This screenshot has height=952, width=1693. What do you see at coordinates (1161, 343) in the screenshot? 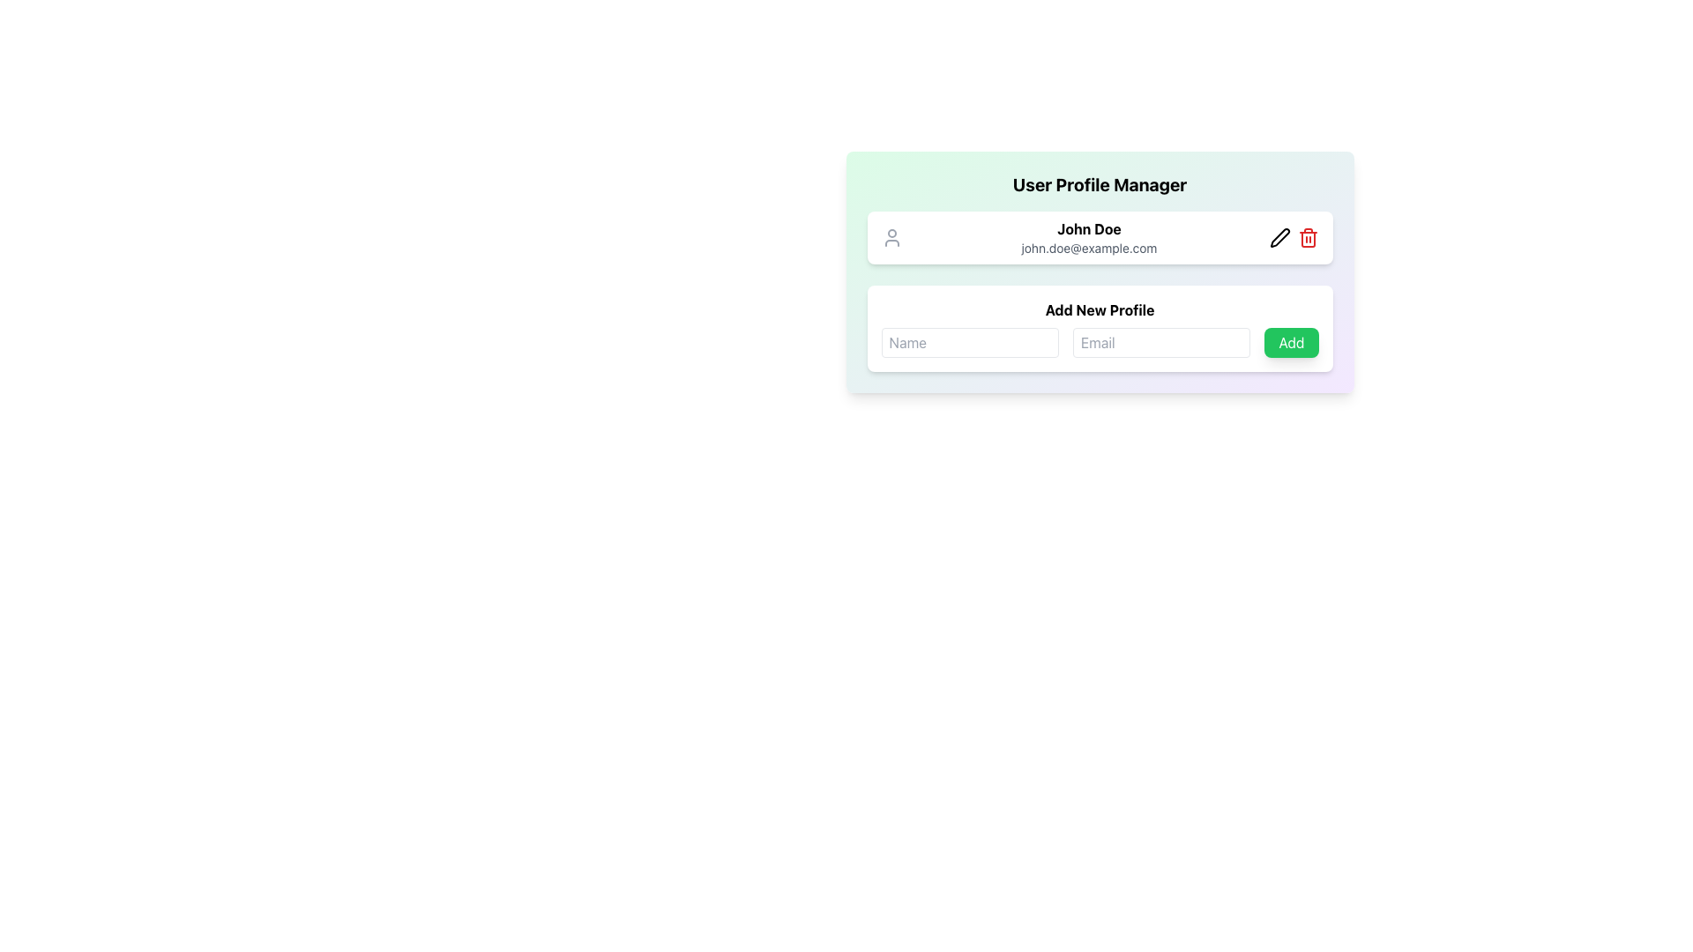
I see `the email input field located in the 'Add New Profile' section to focus the input` at bounding box center [1161, 343].